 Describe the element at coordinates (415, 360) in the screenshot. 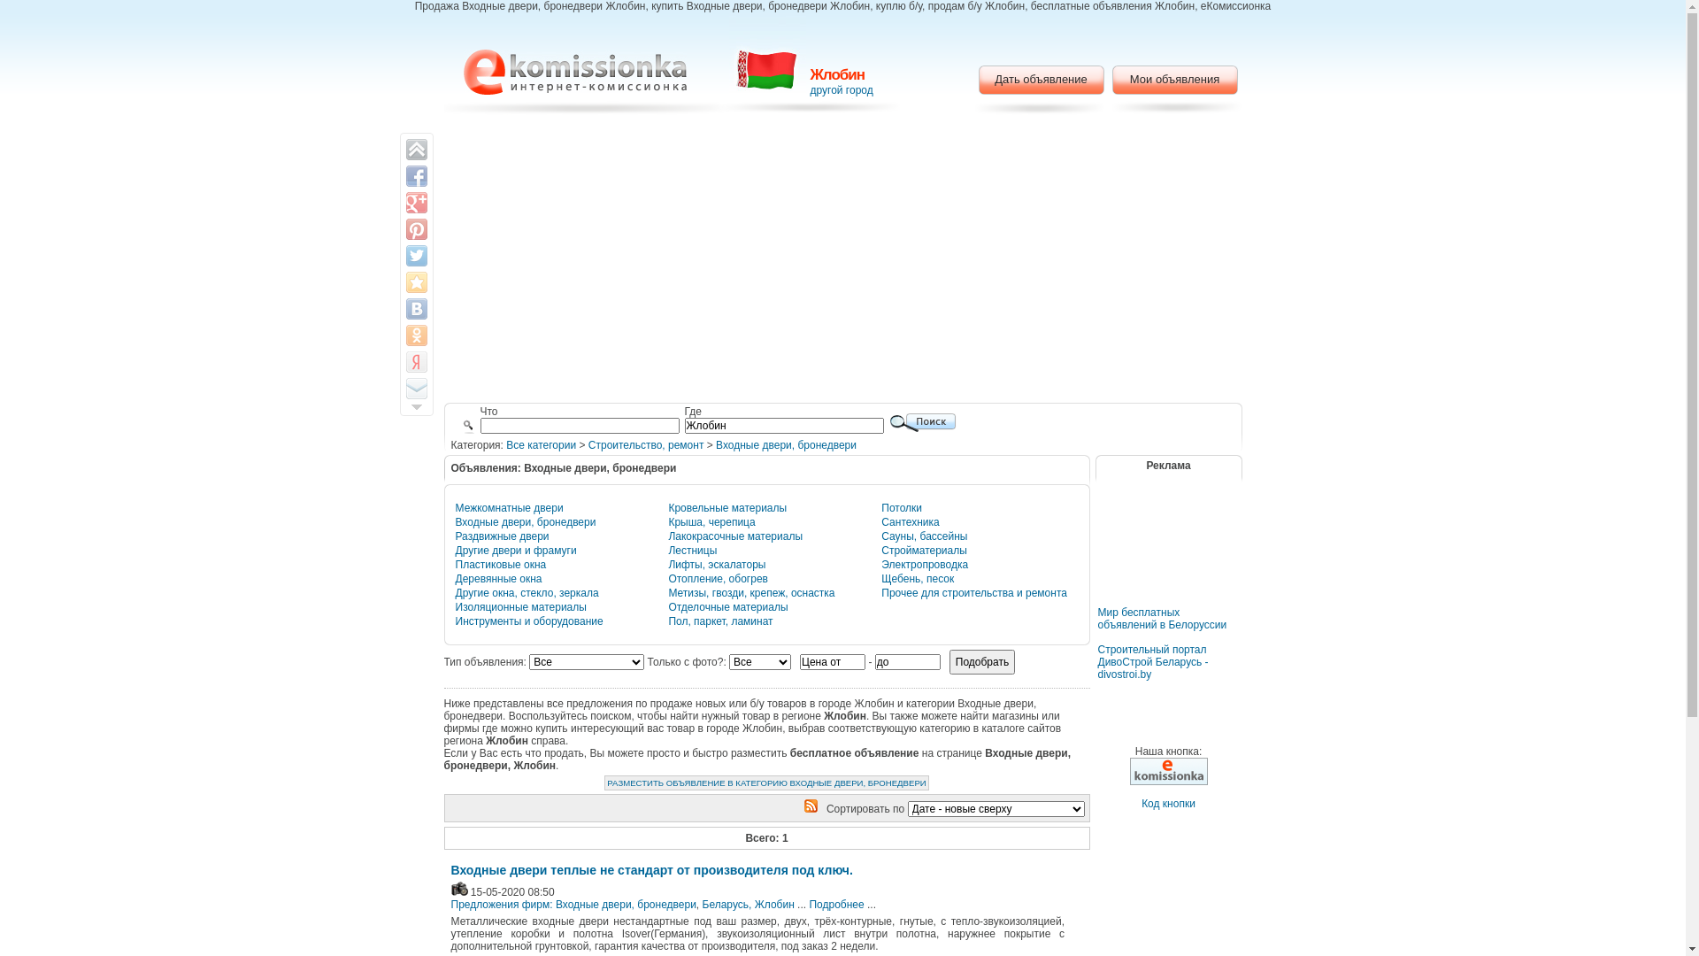

I see `'Save to Yandex Bookmarks'` at that location.